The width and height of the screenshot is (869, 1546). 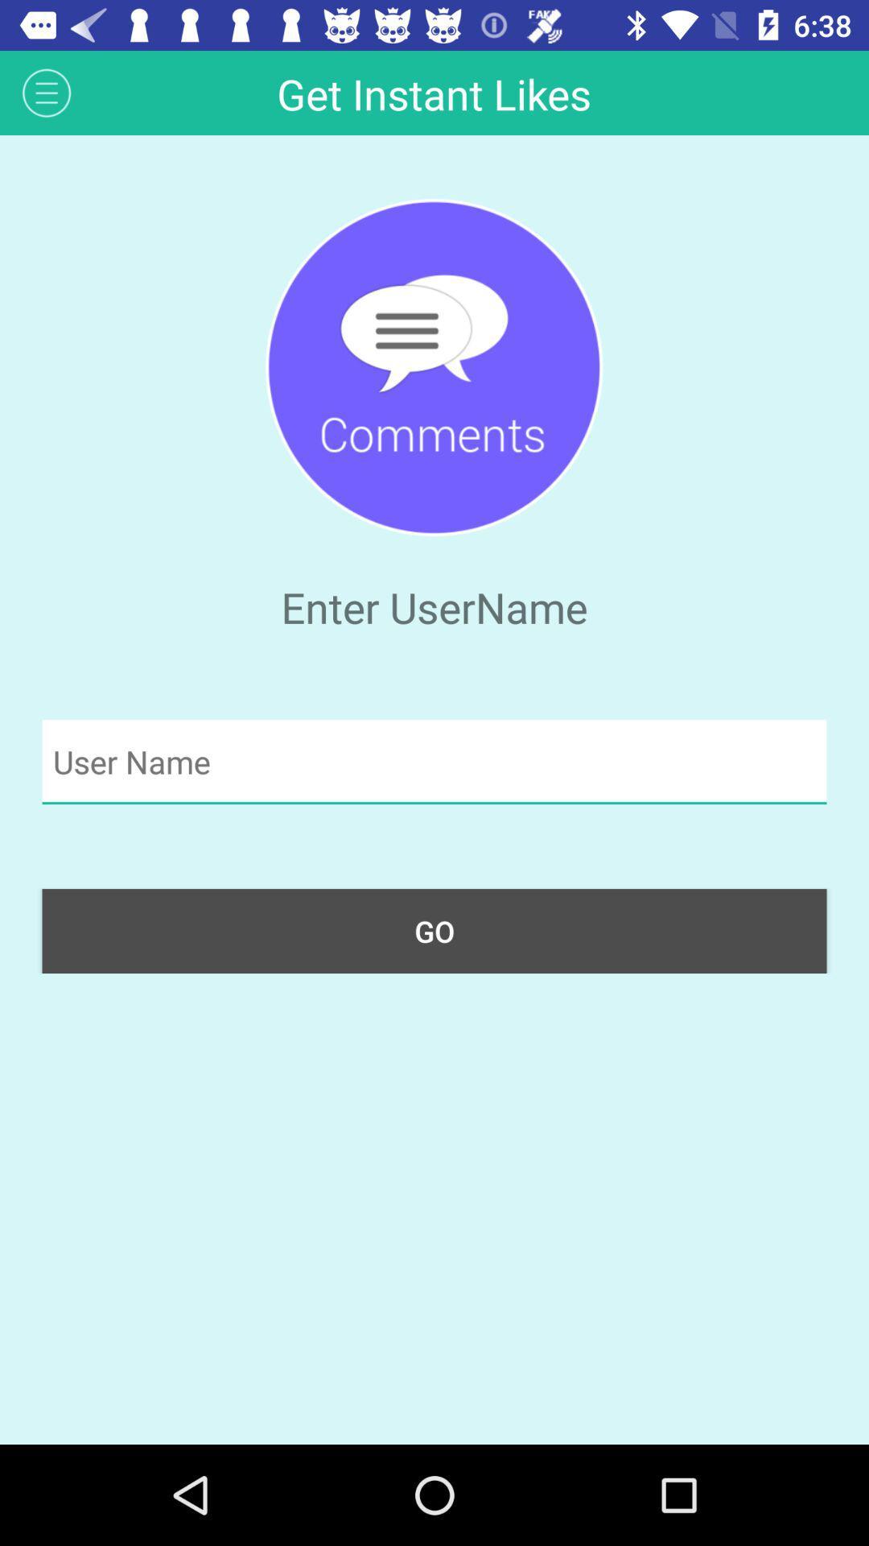 I want to click on the menu icon, so click(x=46, y=92).